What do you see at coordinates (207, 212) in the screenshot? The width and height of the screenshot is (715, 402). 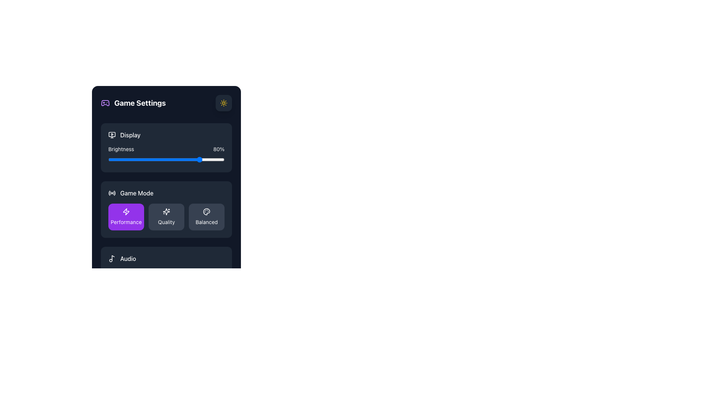 I see `the palette icon located in the 'Balanced' button within the 'Game Mode' section` at bounding box center [207, 212].